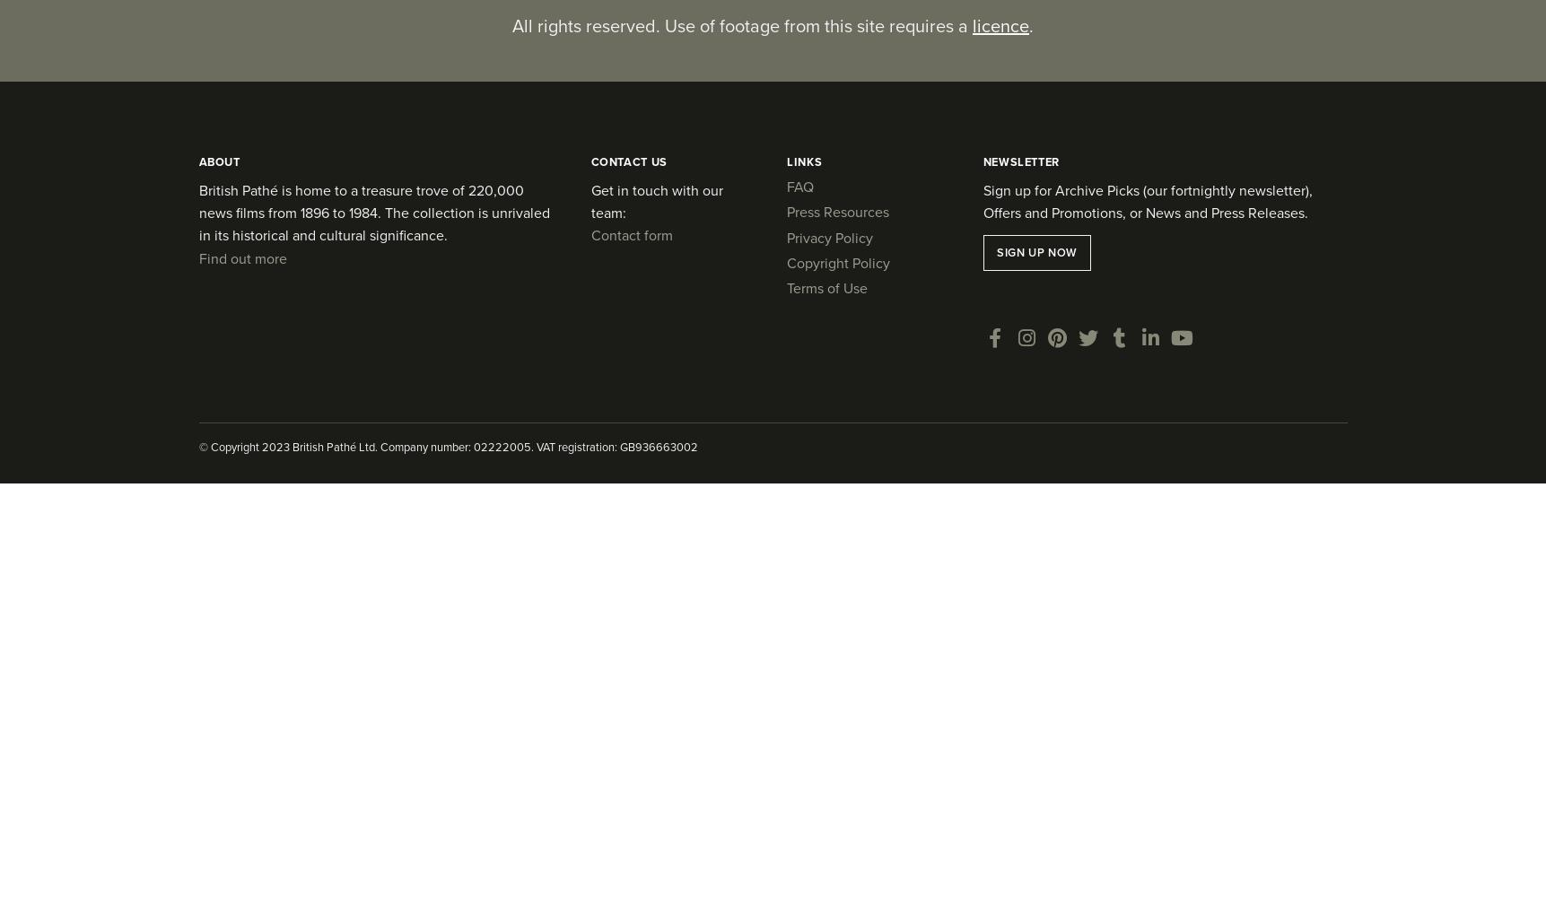  I want to click on 'About', so click(217, 161).